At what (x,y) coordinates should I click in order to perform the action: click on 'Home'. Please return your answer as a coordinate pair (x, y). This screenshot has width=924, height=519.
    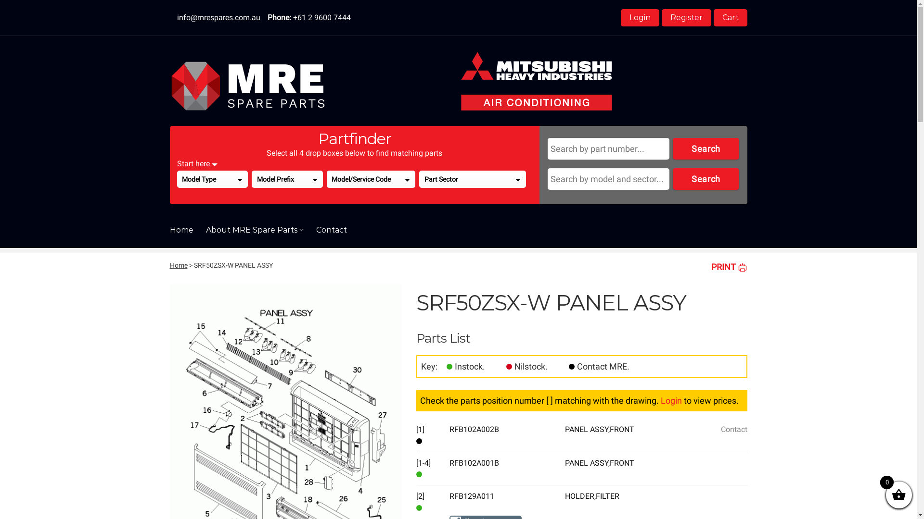
    Looking at the image, I should click on (178, 265).